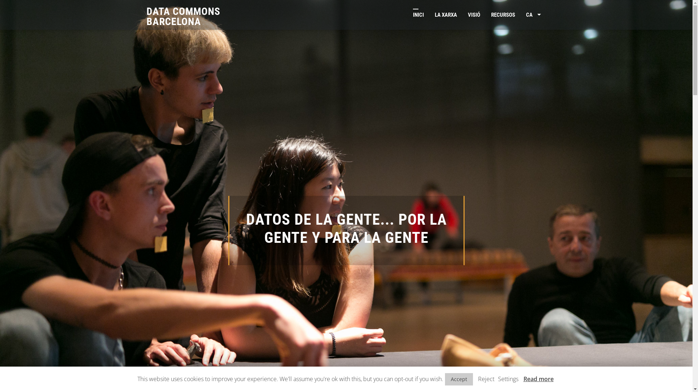  I want to click on 'INICI', so click(418, 15).